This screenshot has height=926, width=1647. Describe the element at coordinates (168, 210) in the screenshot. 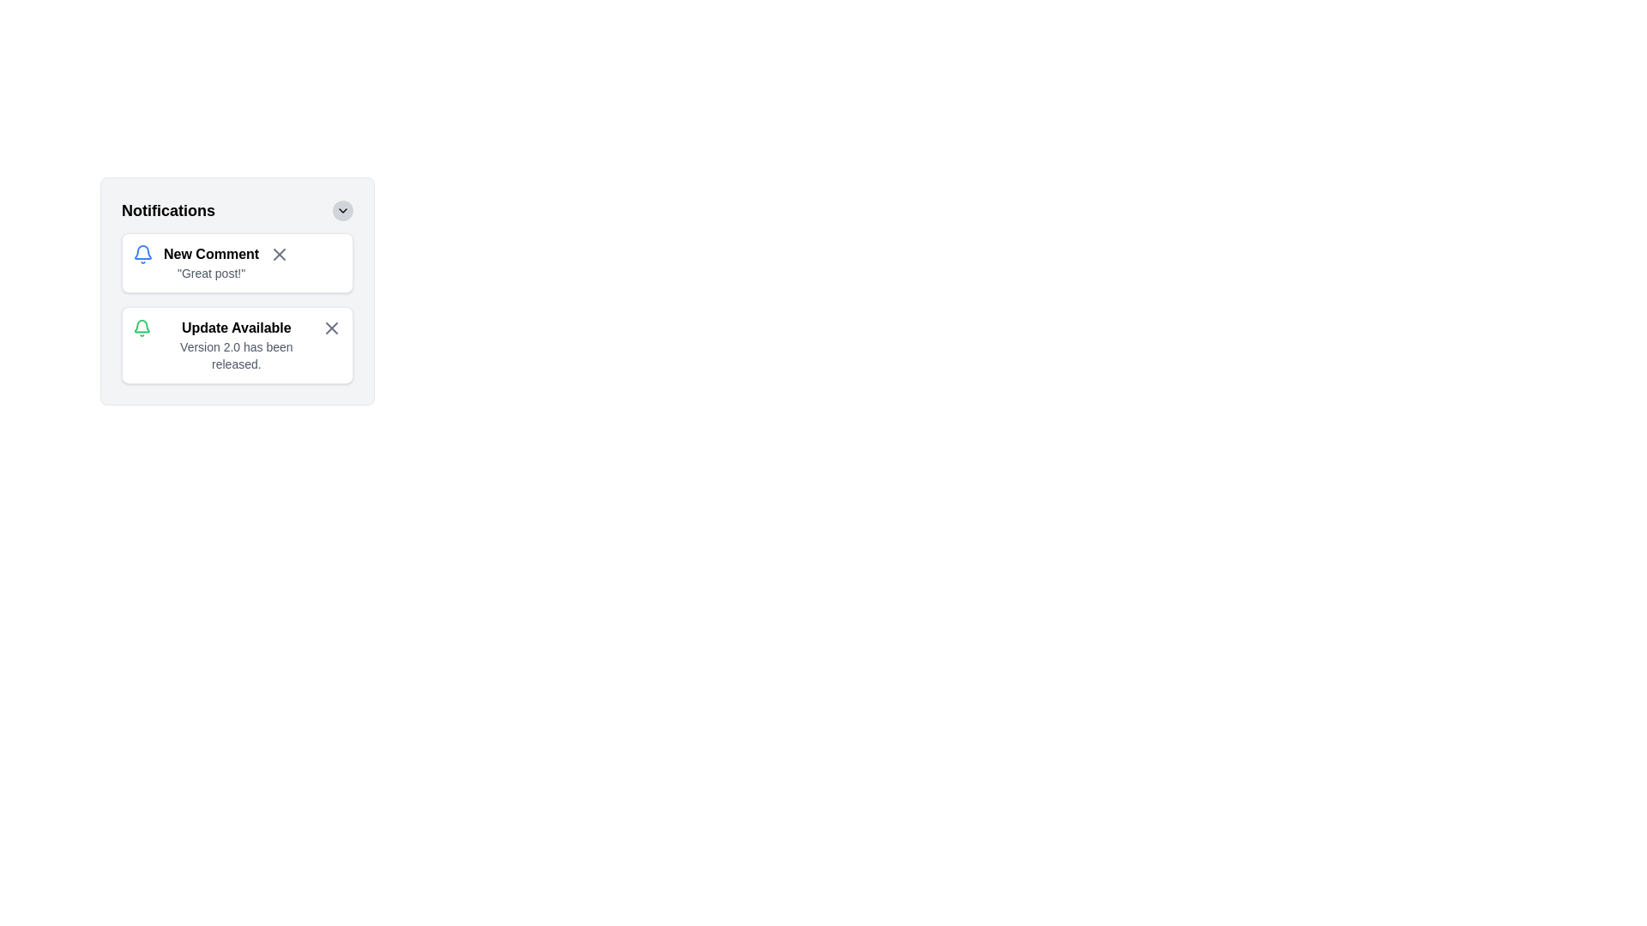

I see `the bold, black-colored text label reading 'Notifications' located at the upper-left corner of the notification panel` at that location.